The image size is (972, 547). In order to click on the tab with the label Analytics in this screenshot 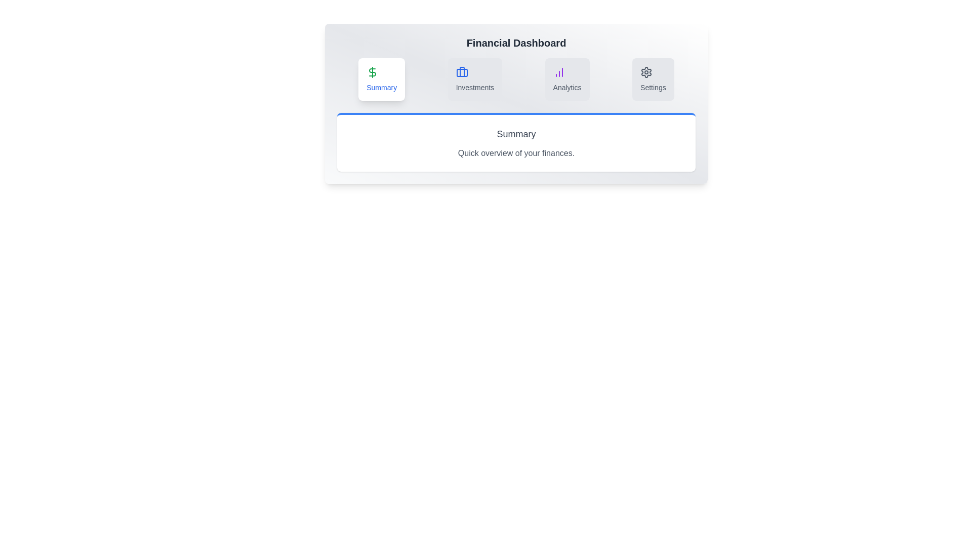, I will do `click(567, 79)`.